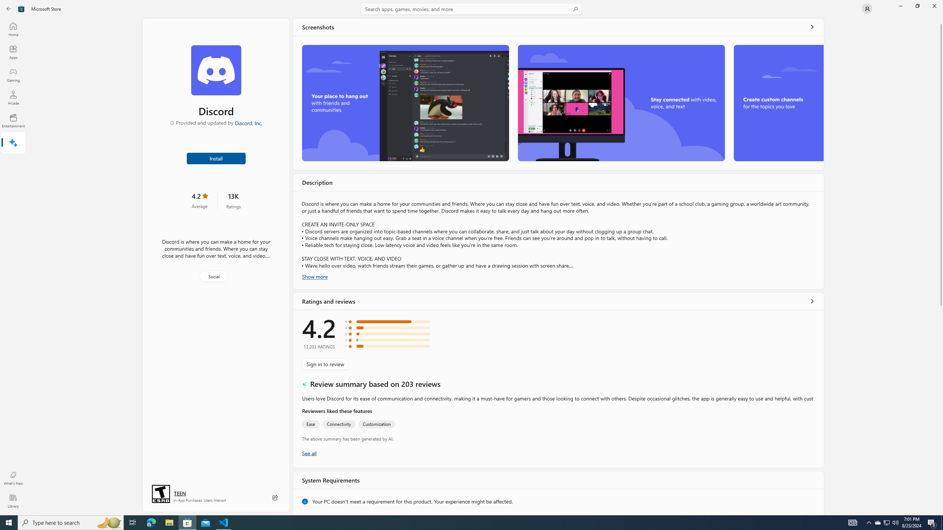 The image size is (943, 530). Describe the element at coordinates (248, 123) in the screenshot. I see `'Discord, Inc.'` at that location.